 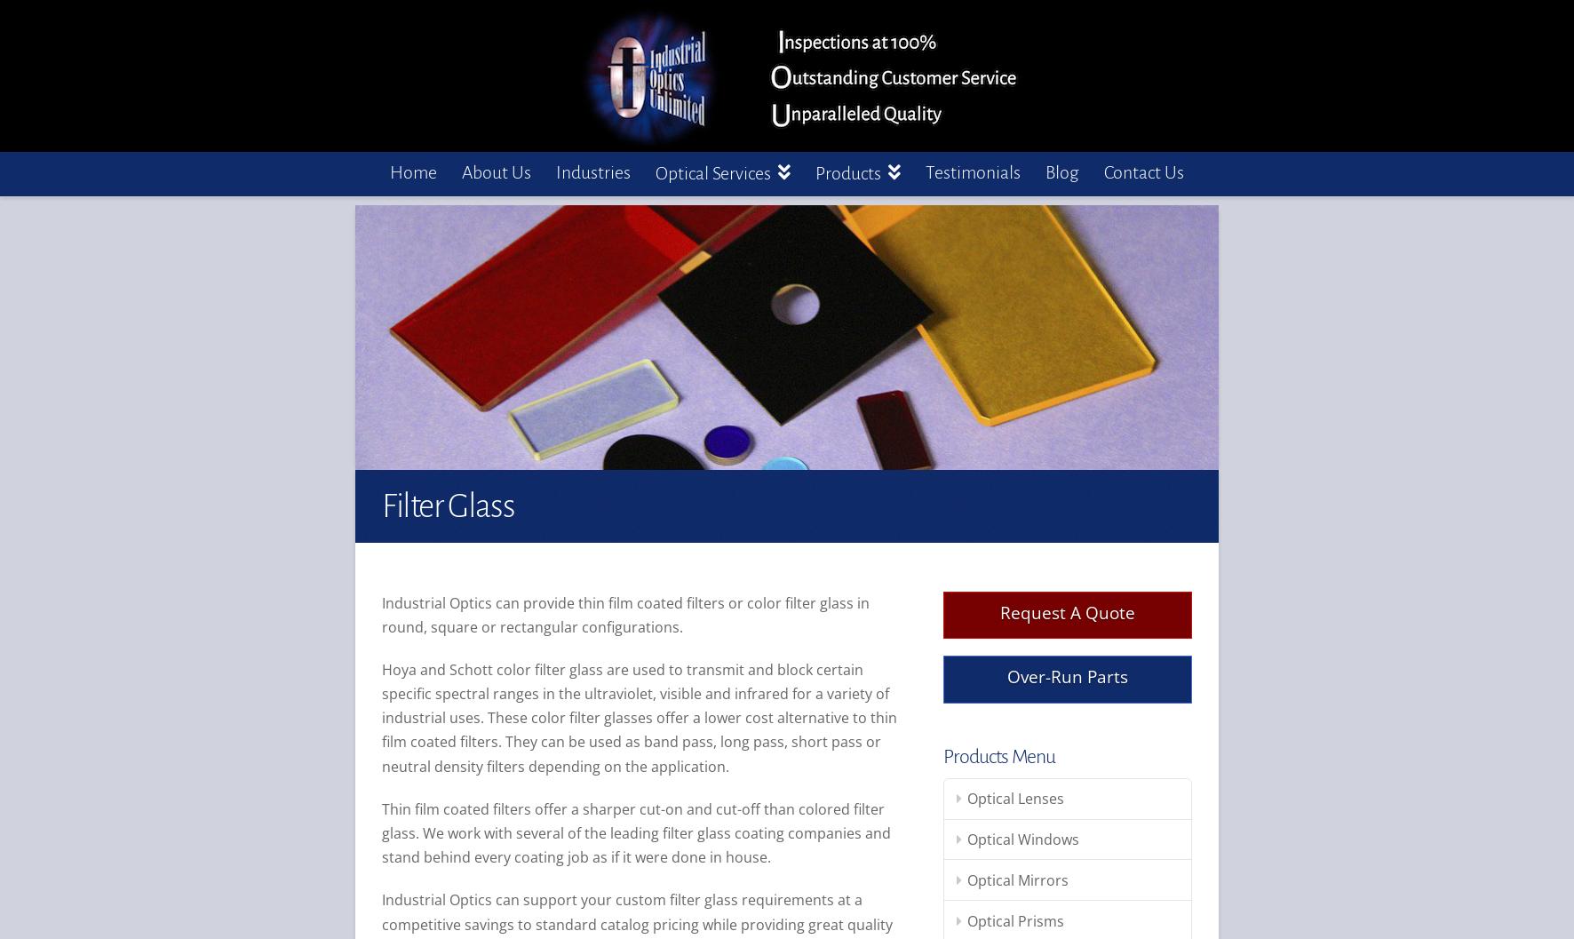 What do you see at coordinates (447, 504) in the screenshot?
I see `'Filter Glass'` at bounding box center [447, 504].